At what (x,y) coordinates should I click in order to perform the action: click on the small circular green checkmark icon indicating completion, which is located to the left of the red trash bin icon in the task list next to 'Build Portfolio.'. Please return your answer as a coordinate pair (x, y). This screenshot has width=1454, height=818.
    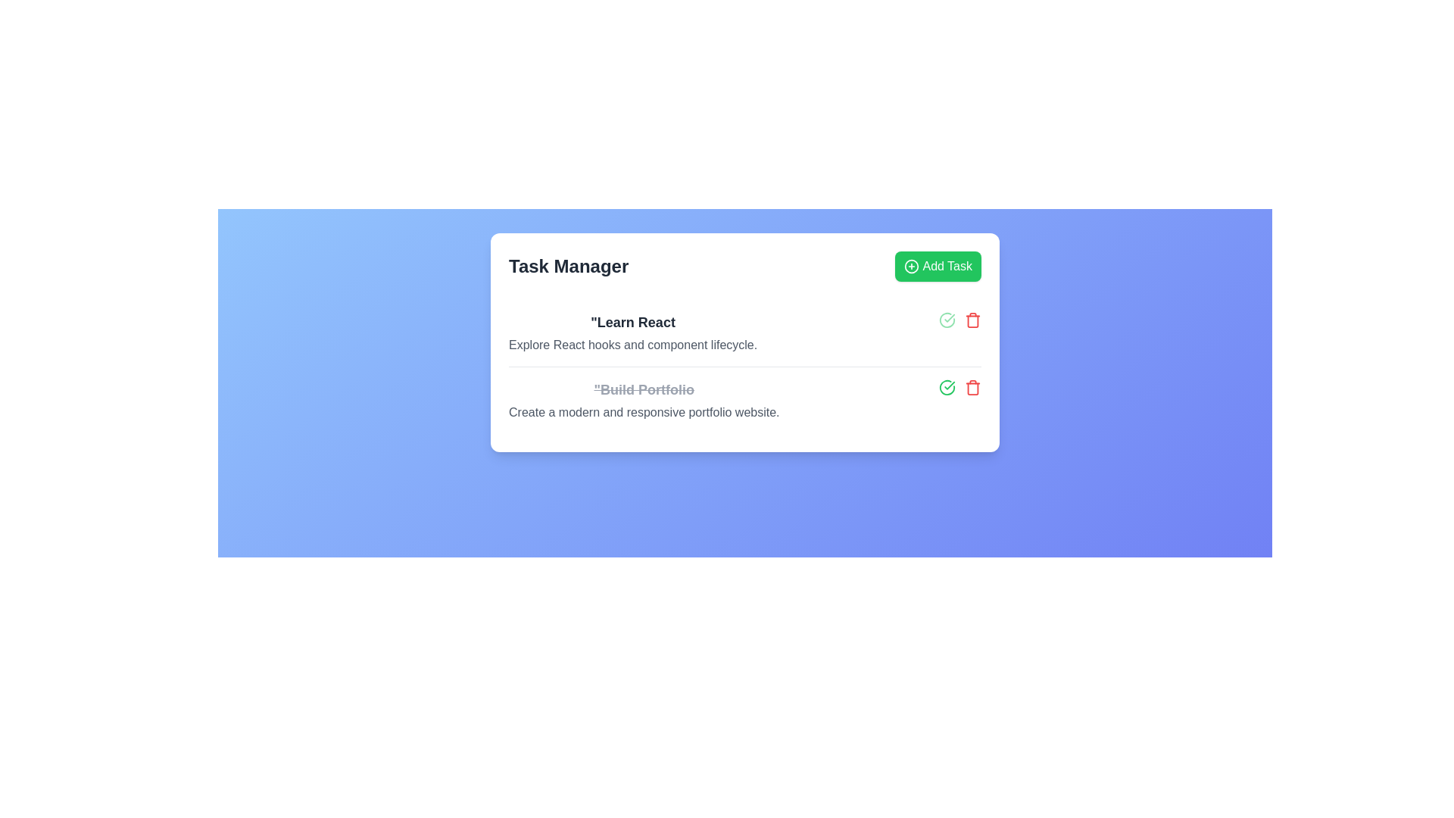
    Looking at the image, I should click on (947, 320).